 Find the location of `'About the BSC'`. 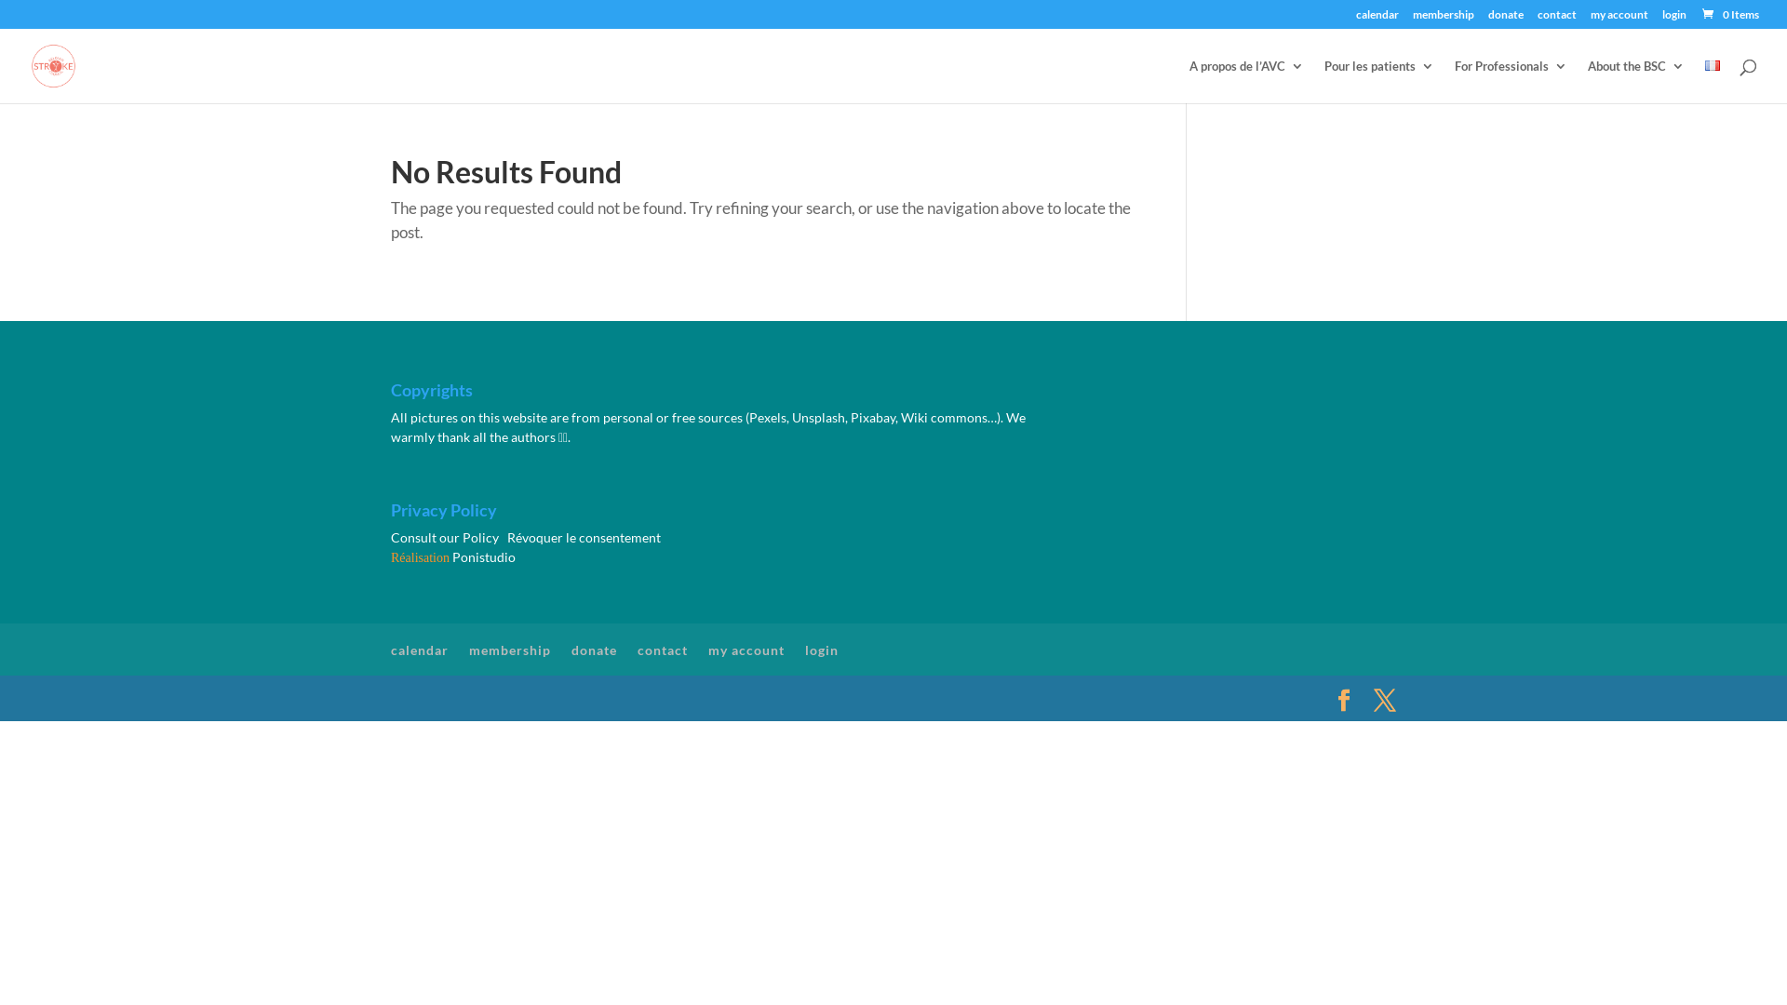

'About the BSC' is located at coordinates (1634, 80).